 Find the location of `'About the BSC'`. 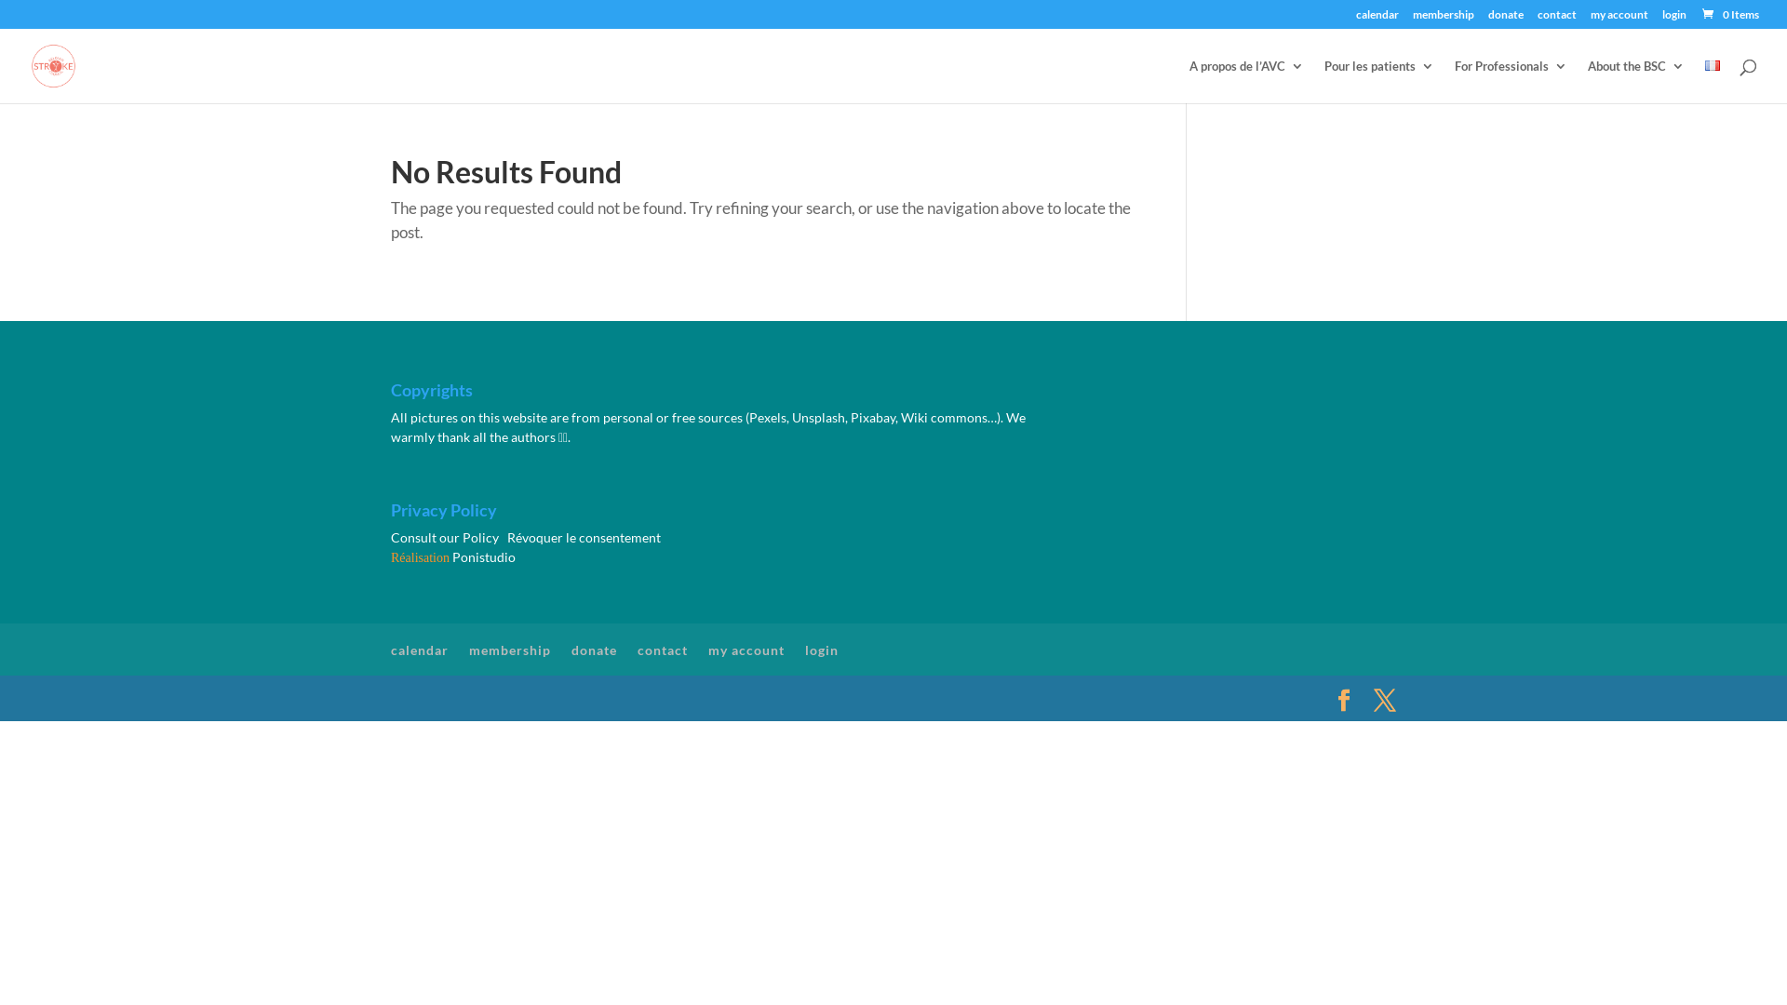

'About the BSC' is located at coordinates (1634, 80).